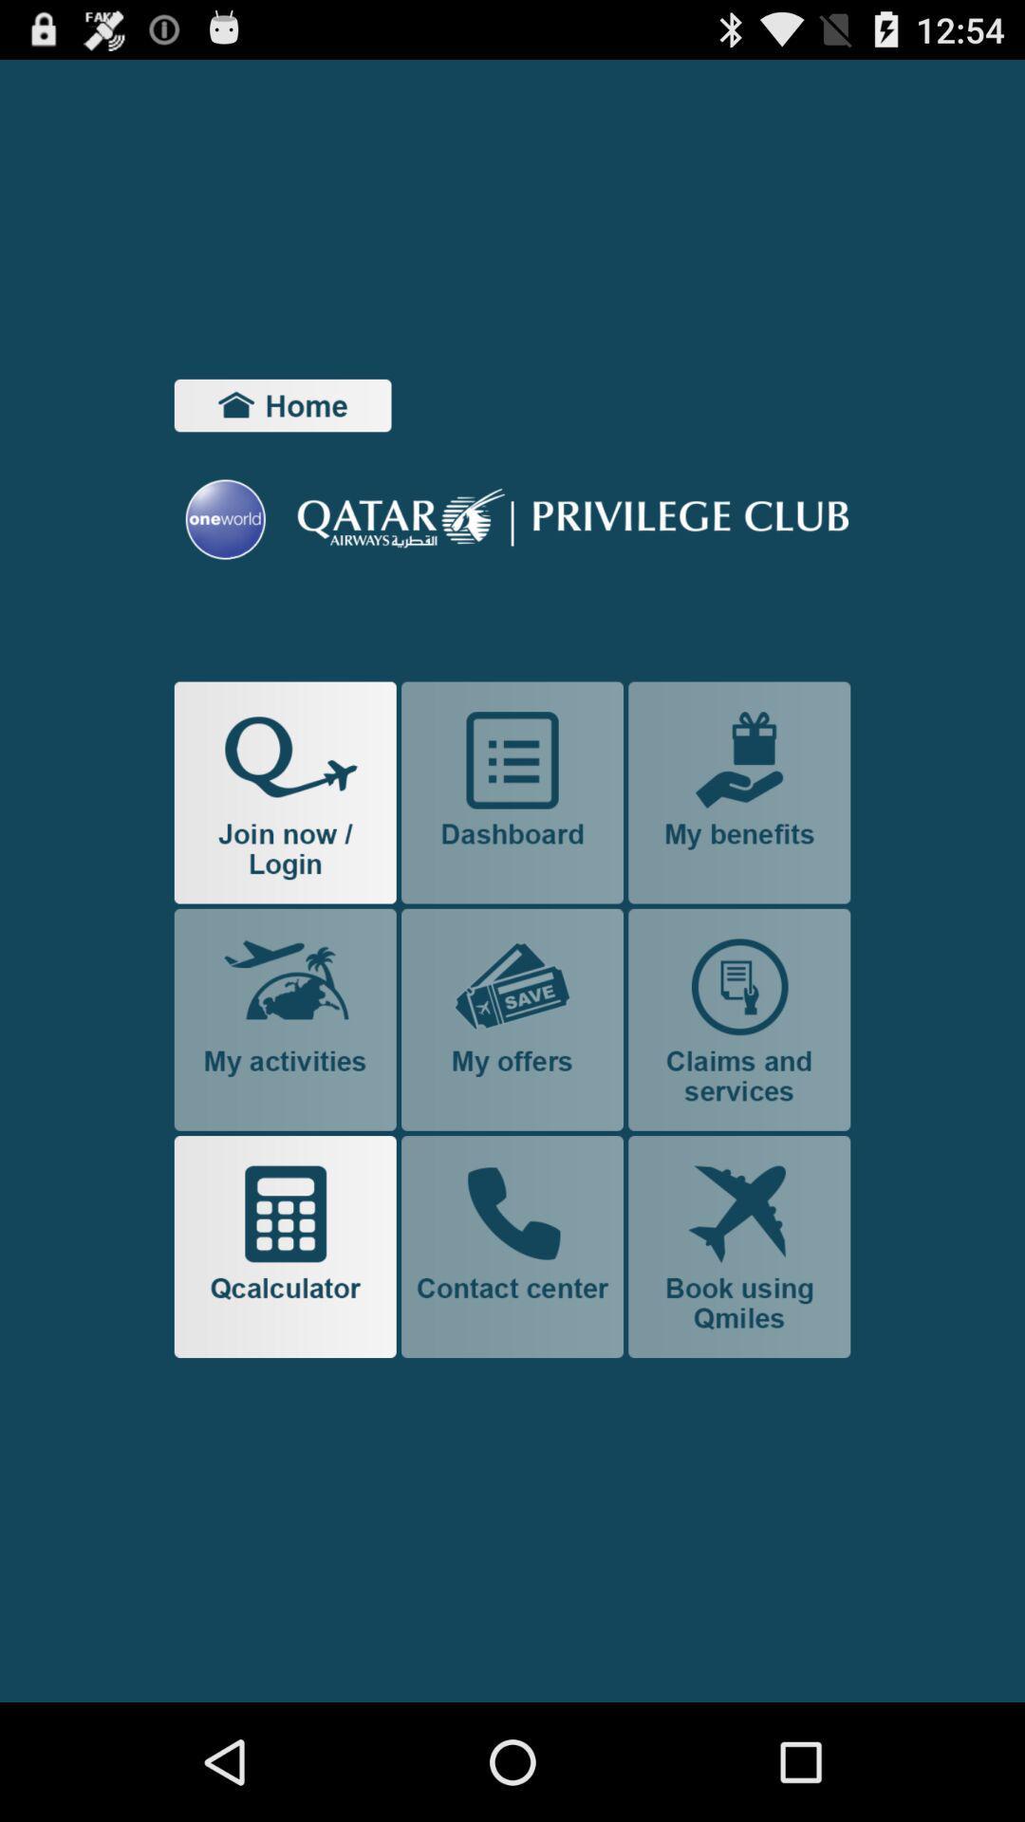 Image resolution: width=1025 pixels, height=1822 pixels. Describe the element at coordinates (738, 1247) in the screenshot. I see `flight booking` at that location.